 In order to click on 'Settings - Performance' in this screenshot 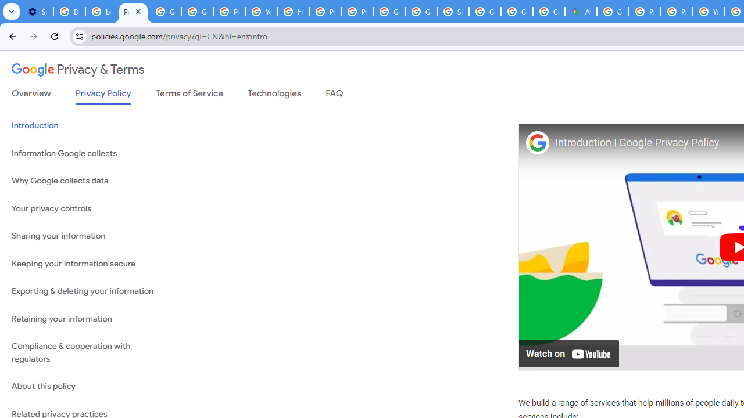, I will do `click(37, 12)`.